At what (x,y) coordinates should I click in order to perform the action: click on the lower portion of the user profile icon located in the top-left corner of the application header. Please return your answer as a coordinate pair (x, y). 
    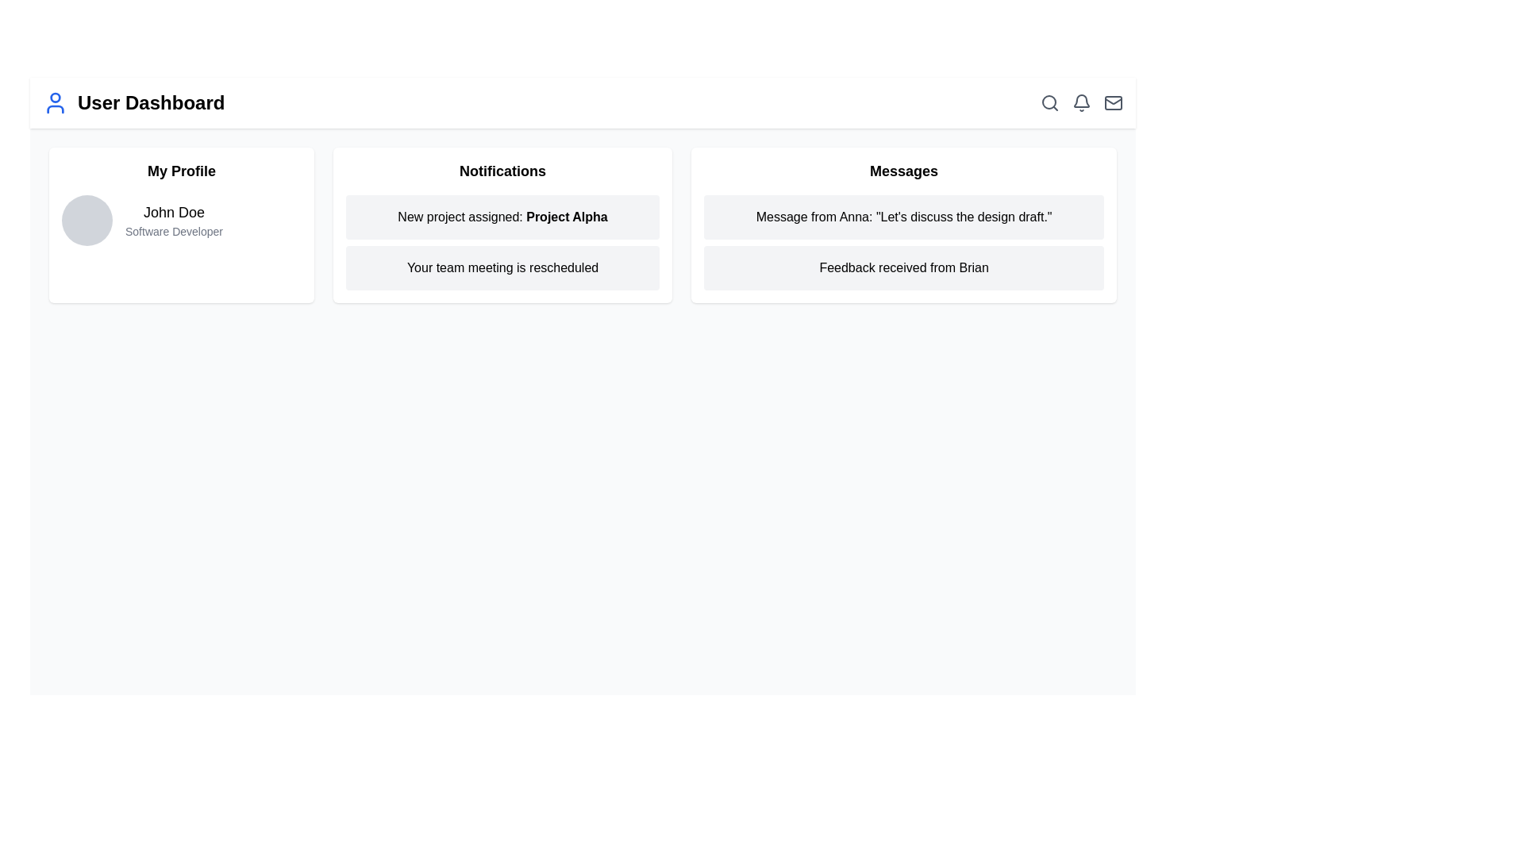
    Looking at the image, I should click on (56, 109).